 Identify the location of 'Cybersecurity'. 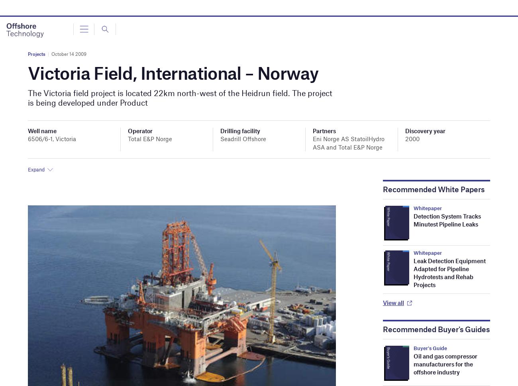
(41, 93).